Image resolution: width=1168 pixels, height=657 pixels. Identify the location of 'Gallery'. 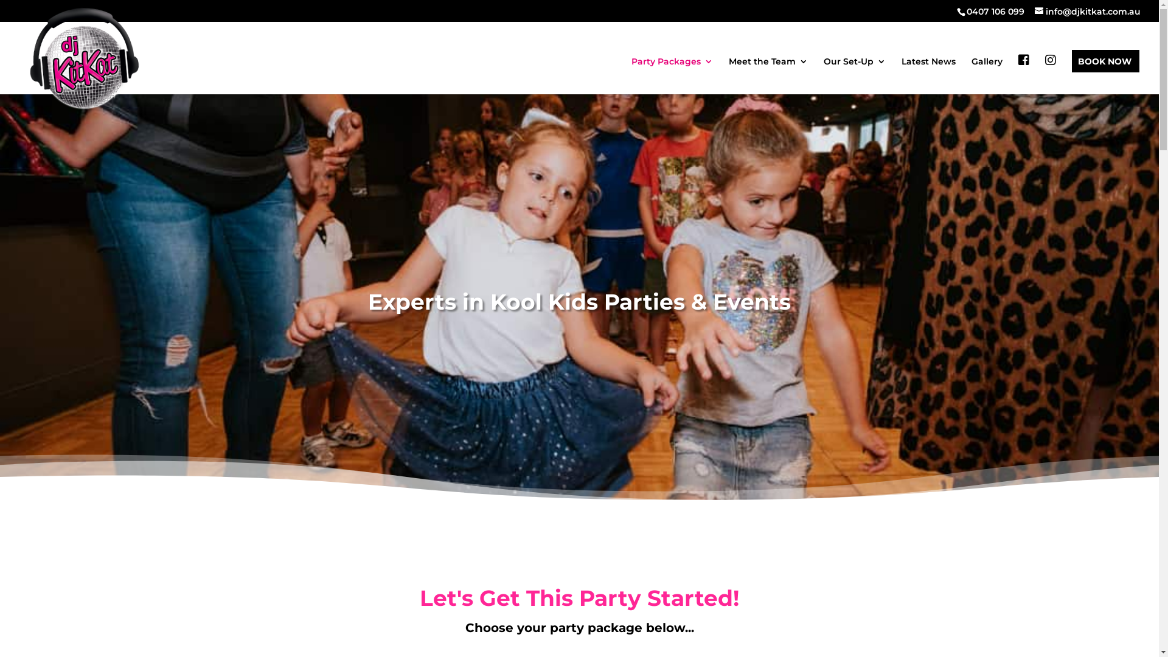
(987, 75).